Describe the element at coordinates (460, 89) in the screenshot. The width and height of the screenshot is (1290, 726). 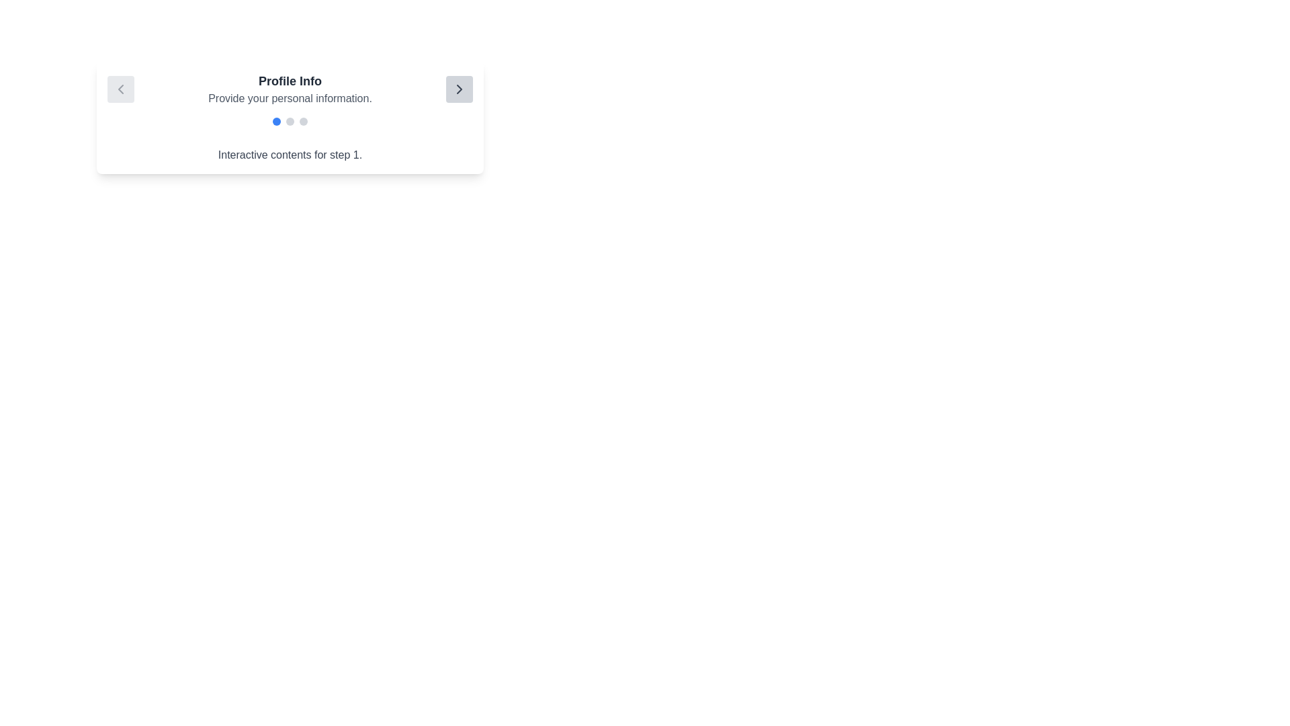
I see `the gray rectangular button with a right-facing arrow icon located in the upper-right portion of the 'Profile Info' section to change its appearance` at that location.